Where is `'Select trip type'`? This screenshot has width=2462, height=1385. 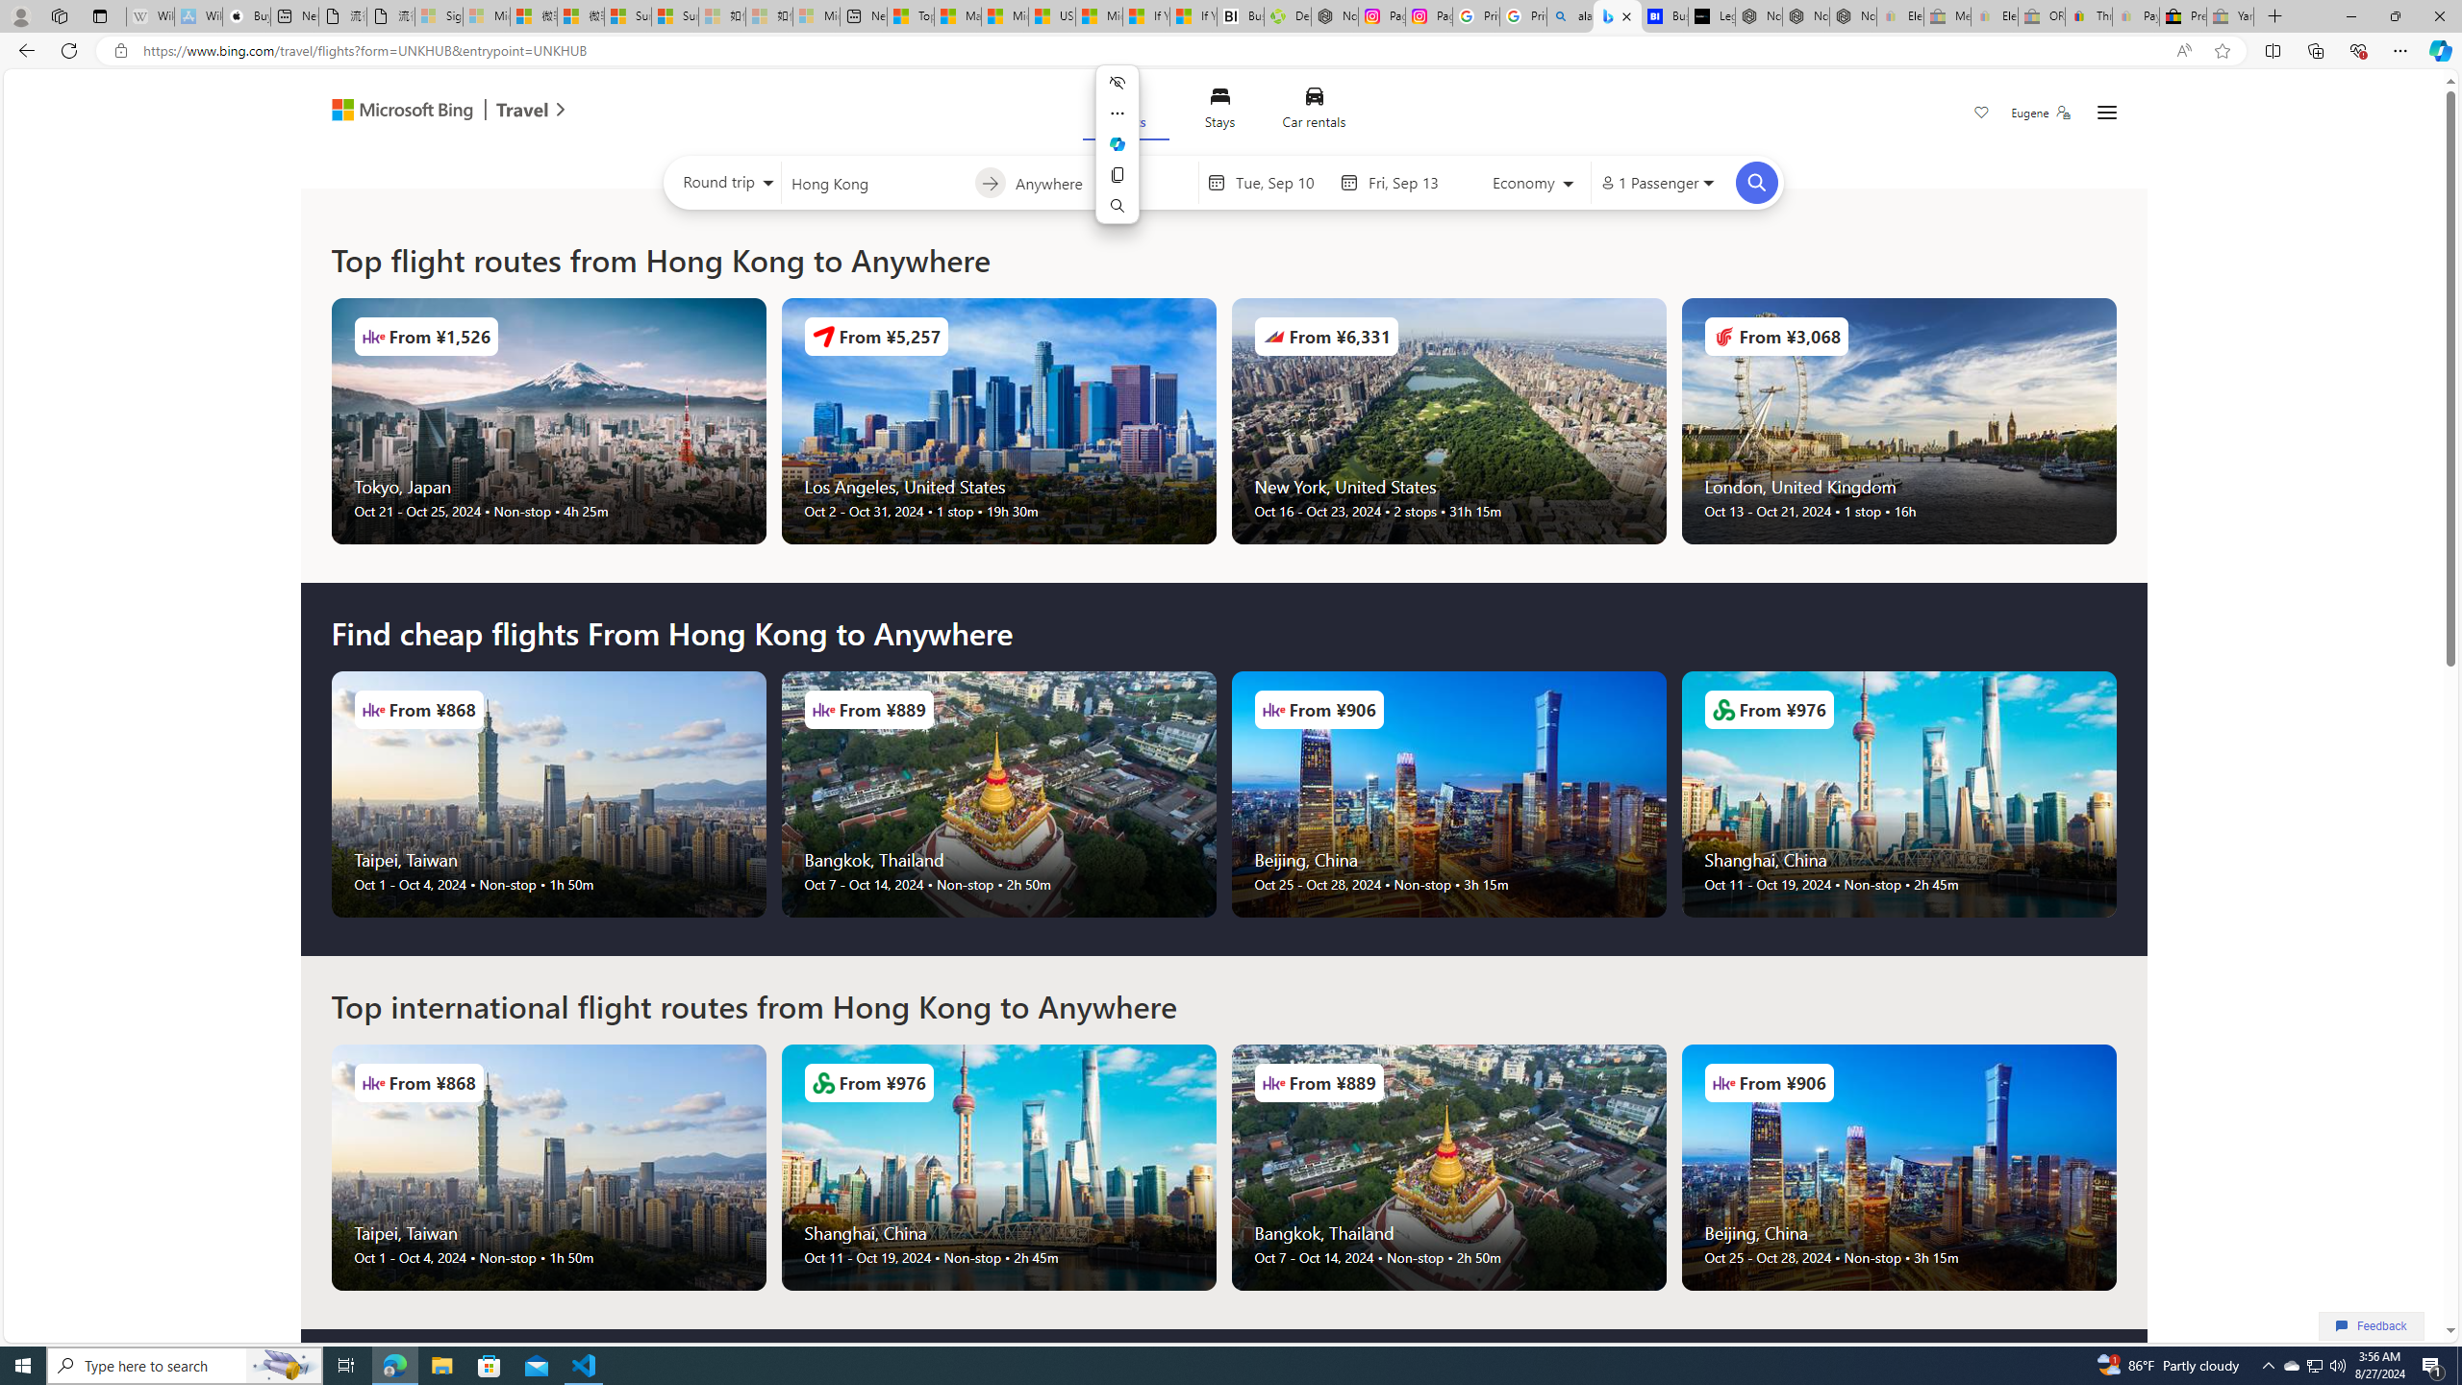
'Select trip type' is located at coordinates (722, 187).